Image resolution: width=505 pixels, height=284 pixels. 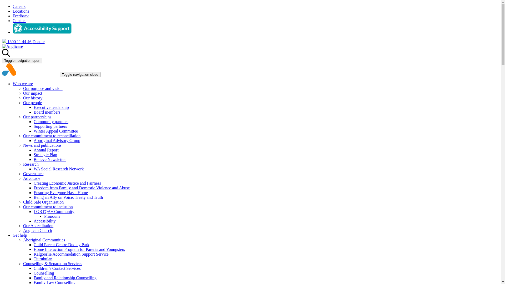 I want to click on 'Being an Ally on Voice, Treaty and Truth', so click(x=68, y=197).